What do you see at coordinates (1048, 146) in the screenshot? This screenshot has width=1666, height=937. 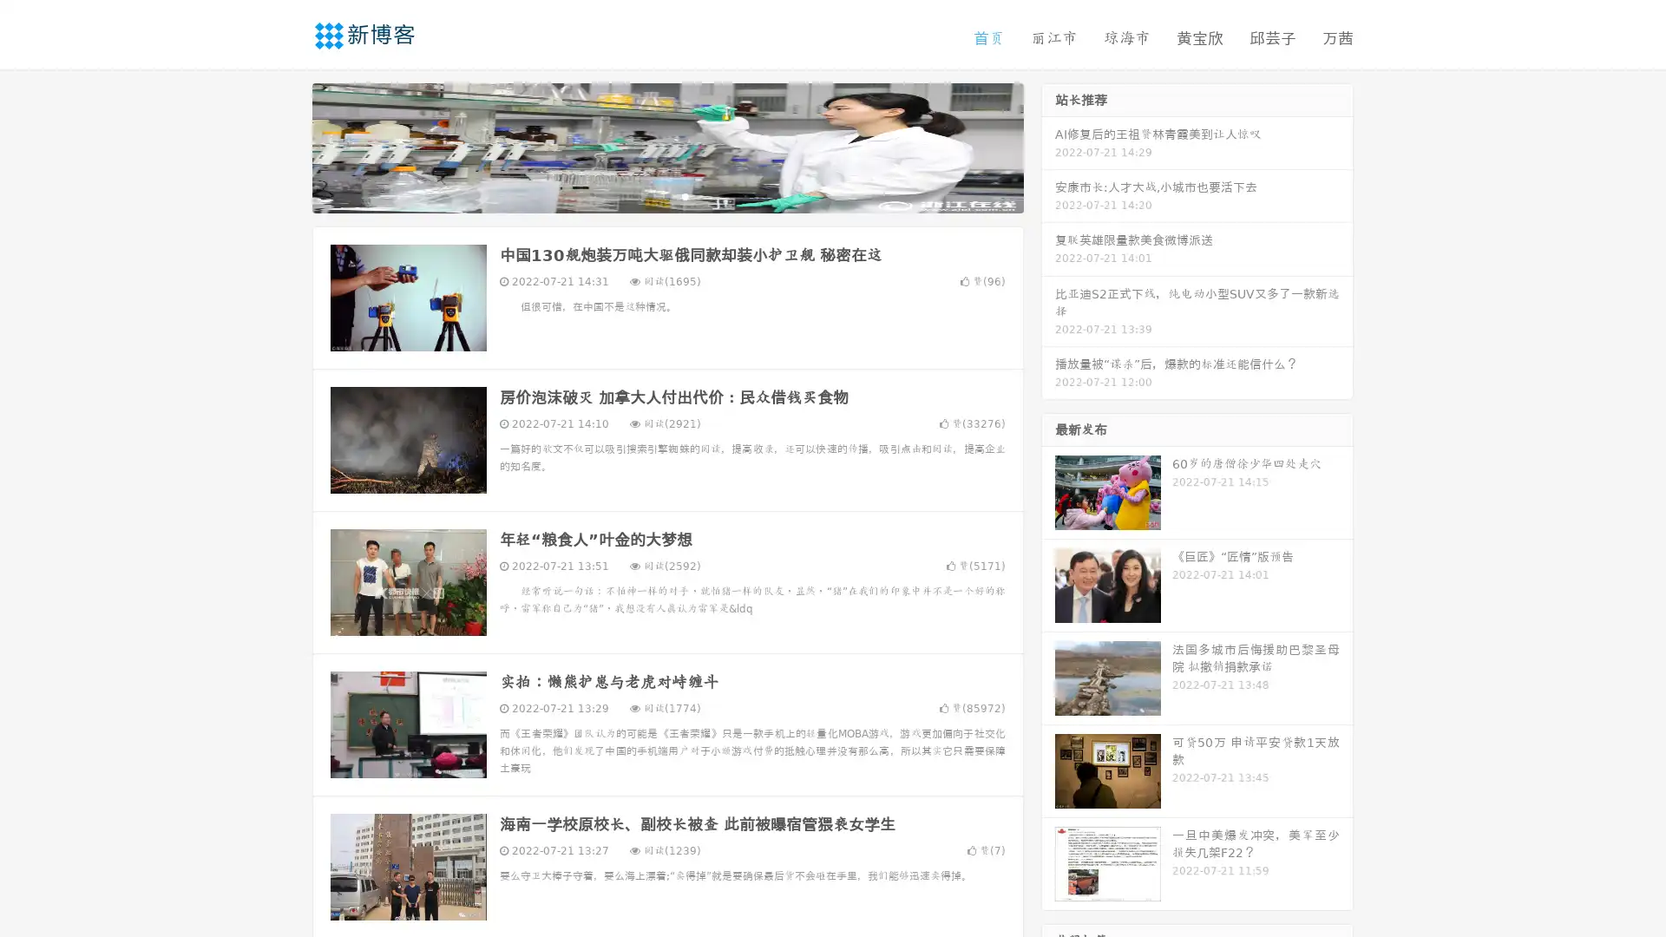 I see `Next slide` at bounding box center [1048, 146].